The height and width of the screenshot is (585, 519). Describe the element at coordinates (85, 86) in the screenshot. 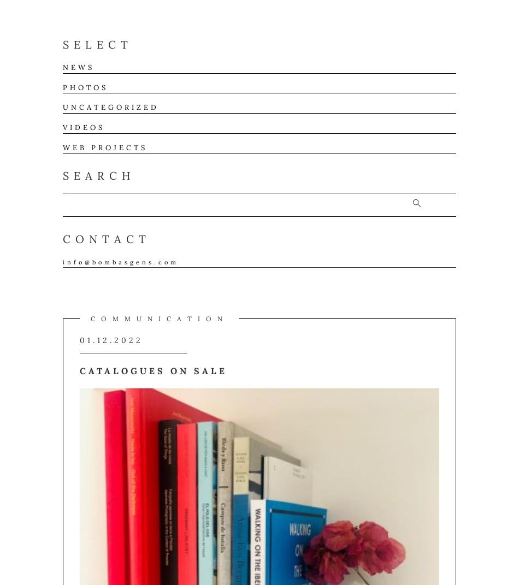

I see `'Photos'` at that location.